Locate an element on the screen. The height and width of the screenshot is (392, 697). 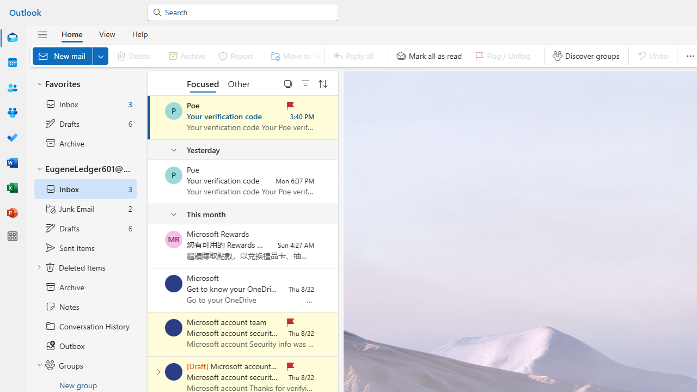
'View' is located at coordinates (107, 33).